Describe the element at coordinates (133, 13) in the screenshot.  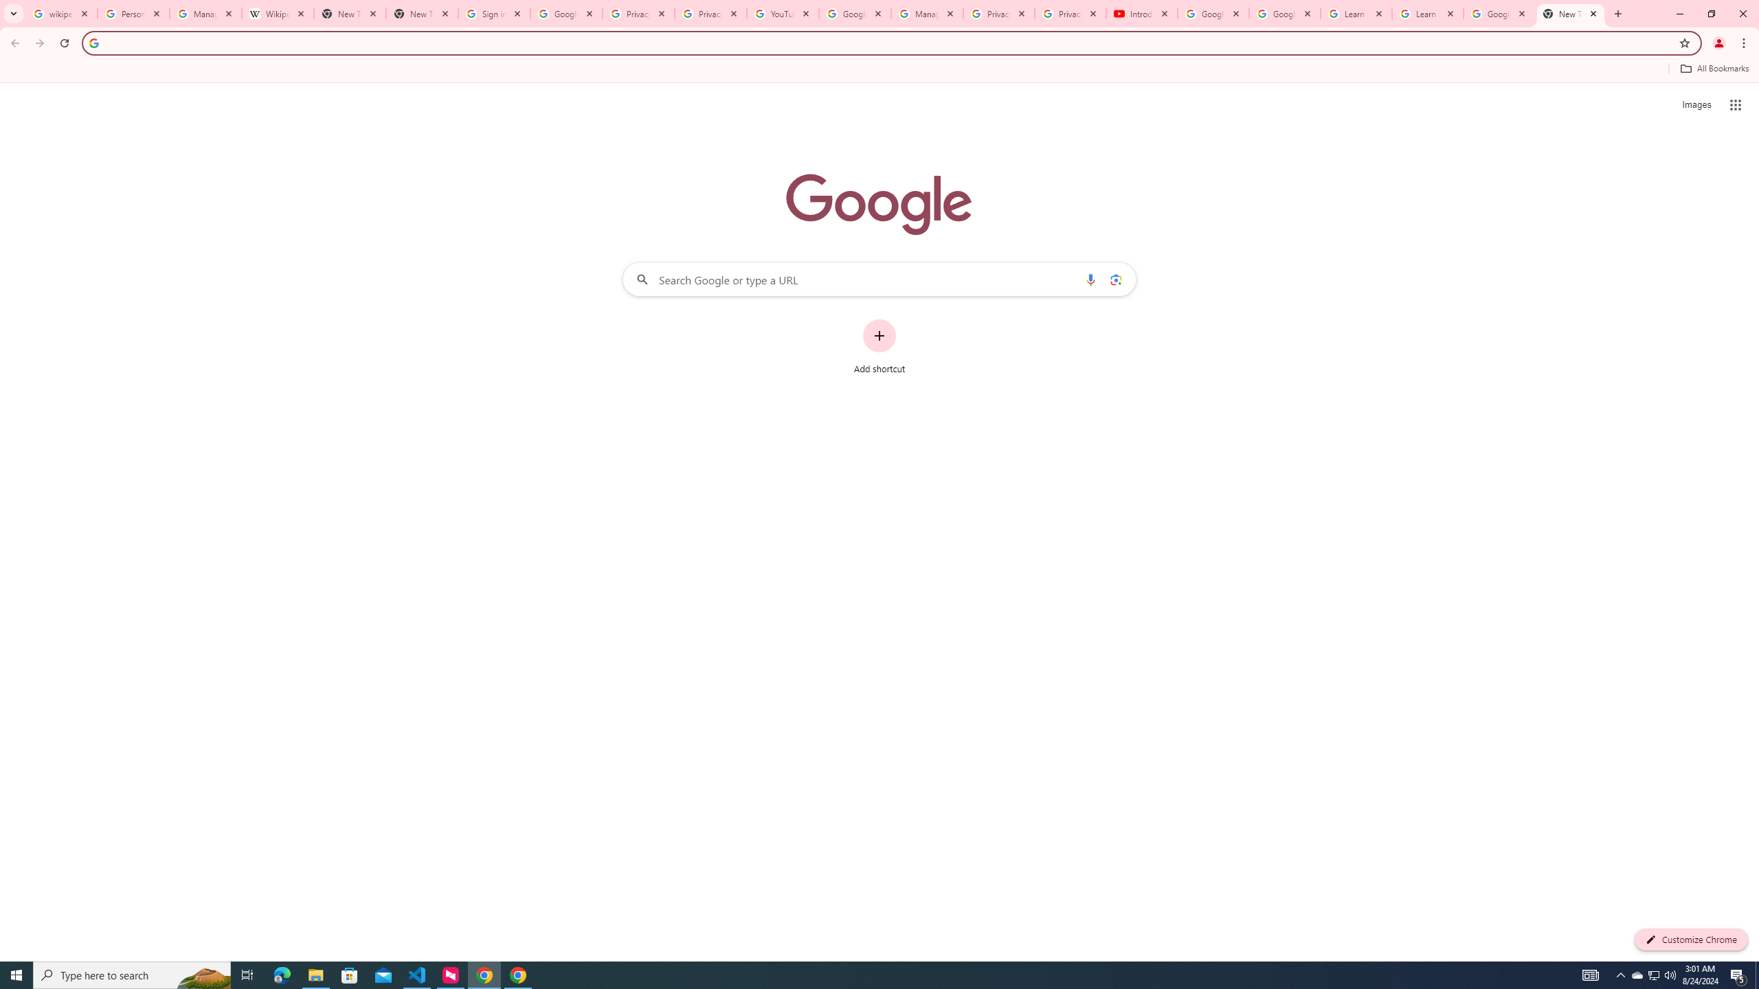
I see `'Personalization & Google Search results - Google Search Help'` at that location.